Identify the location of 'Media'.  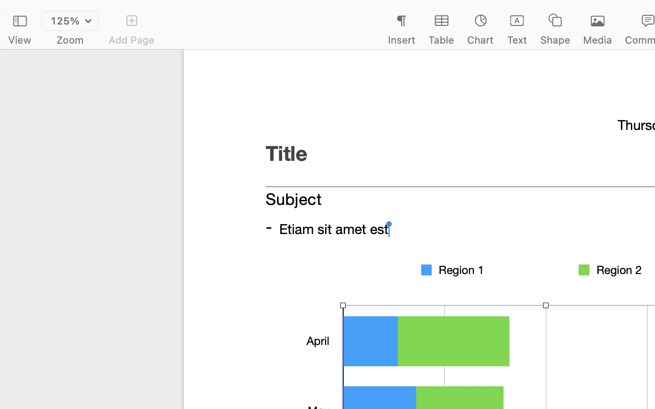
(598, 40).